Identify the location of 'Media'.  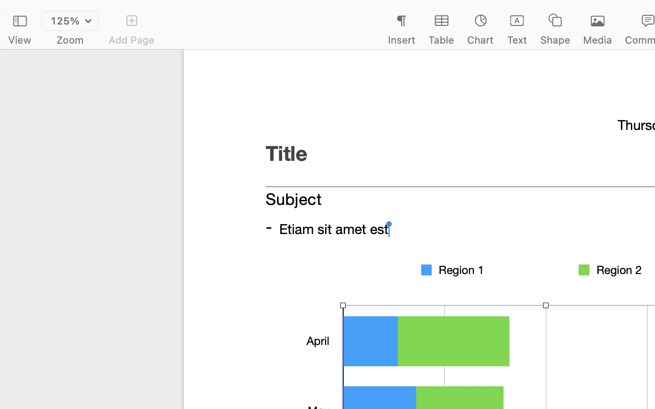
(598, 40).